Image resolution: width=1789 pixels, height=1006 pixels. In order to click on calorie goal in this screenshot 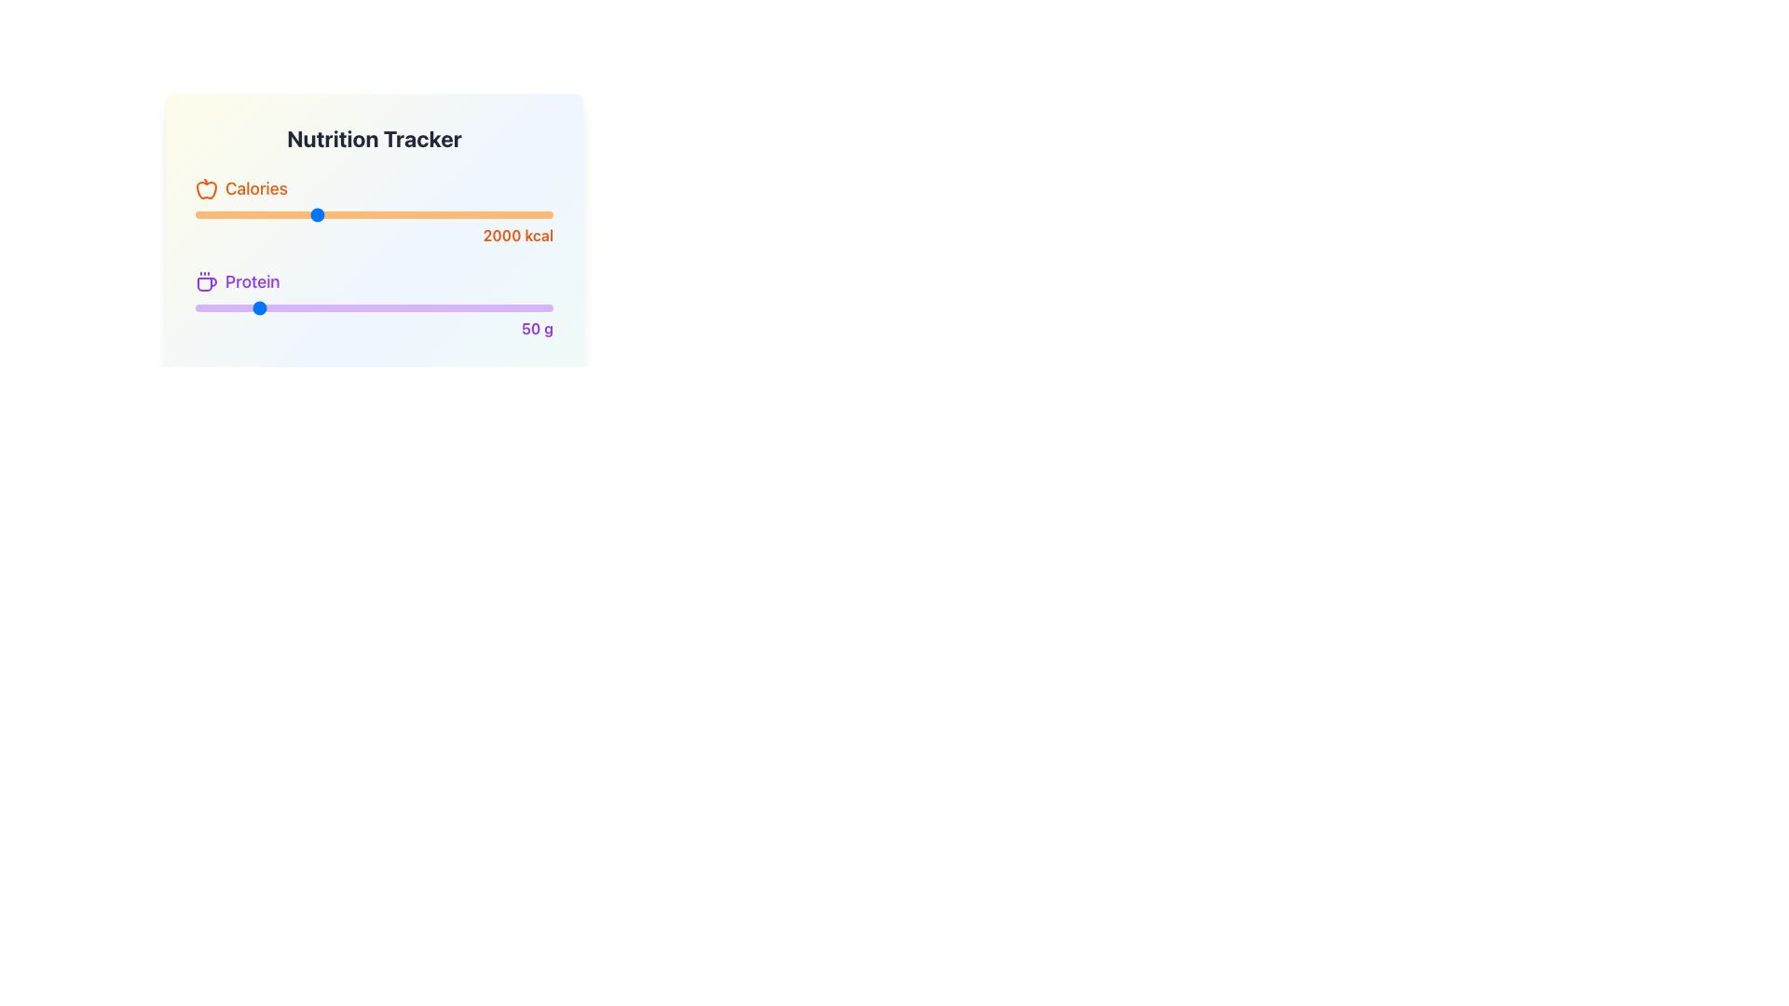, I will do `click(479, 214)`.